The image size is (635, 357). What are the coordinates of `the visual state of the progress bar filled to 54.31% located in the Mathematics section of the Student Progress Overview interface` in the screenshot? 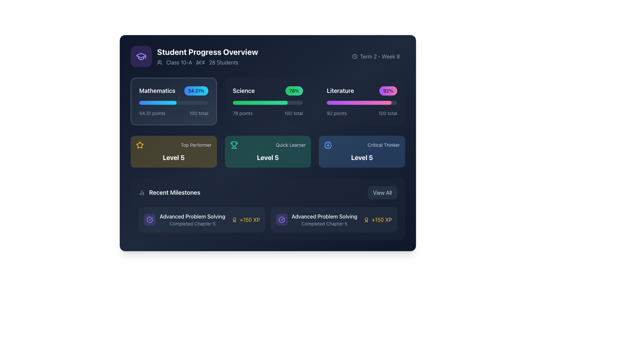 It's located at (157, 103).